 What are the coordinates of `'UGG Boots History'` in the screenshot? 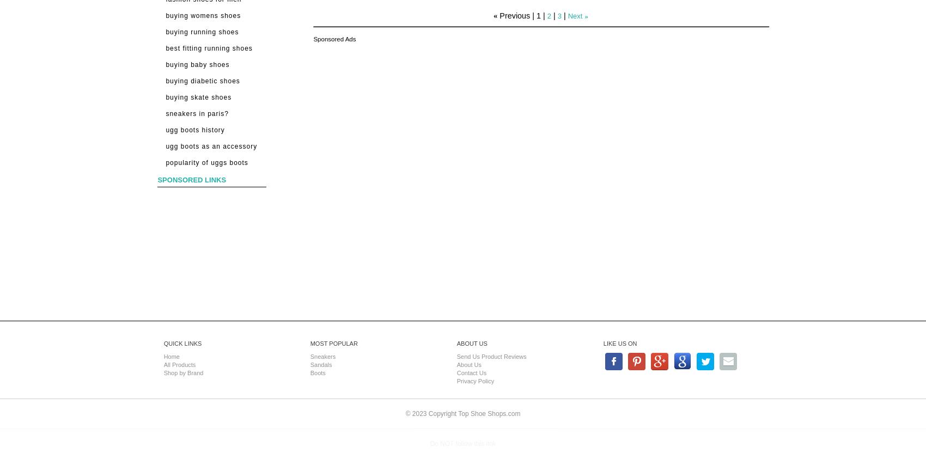 It's located at (194, 130).